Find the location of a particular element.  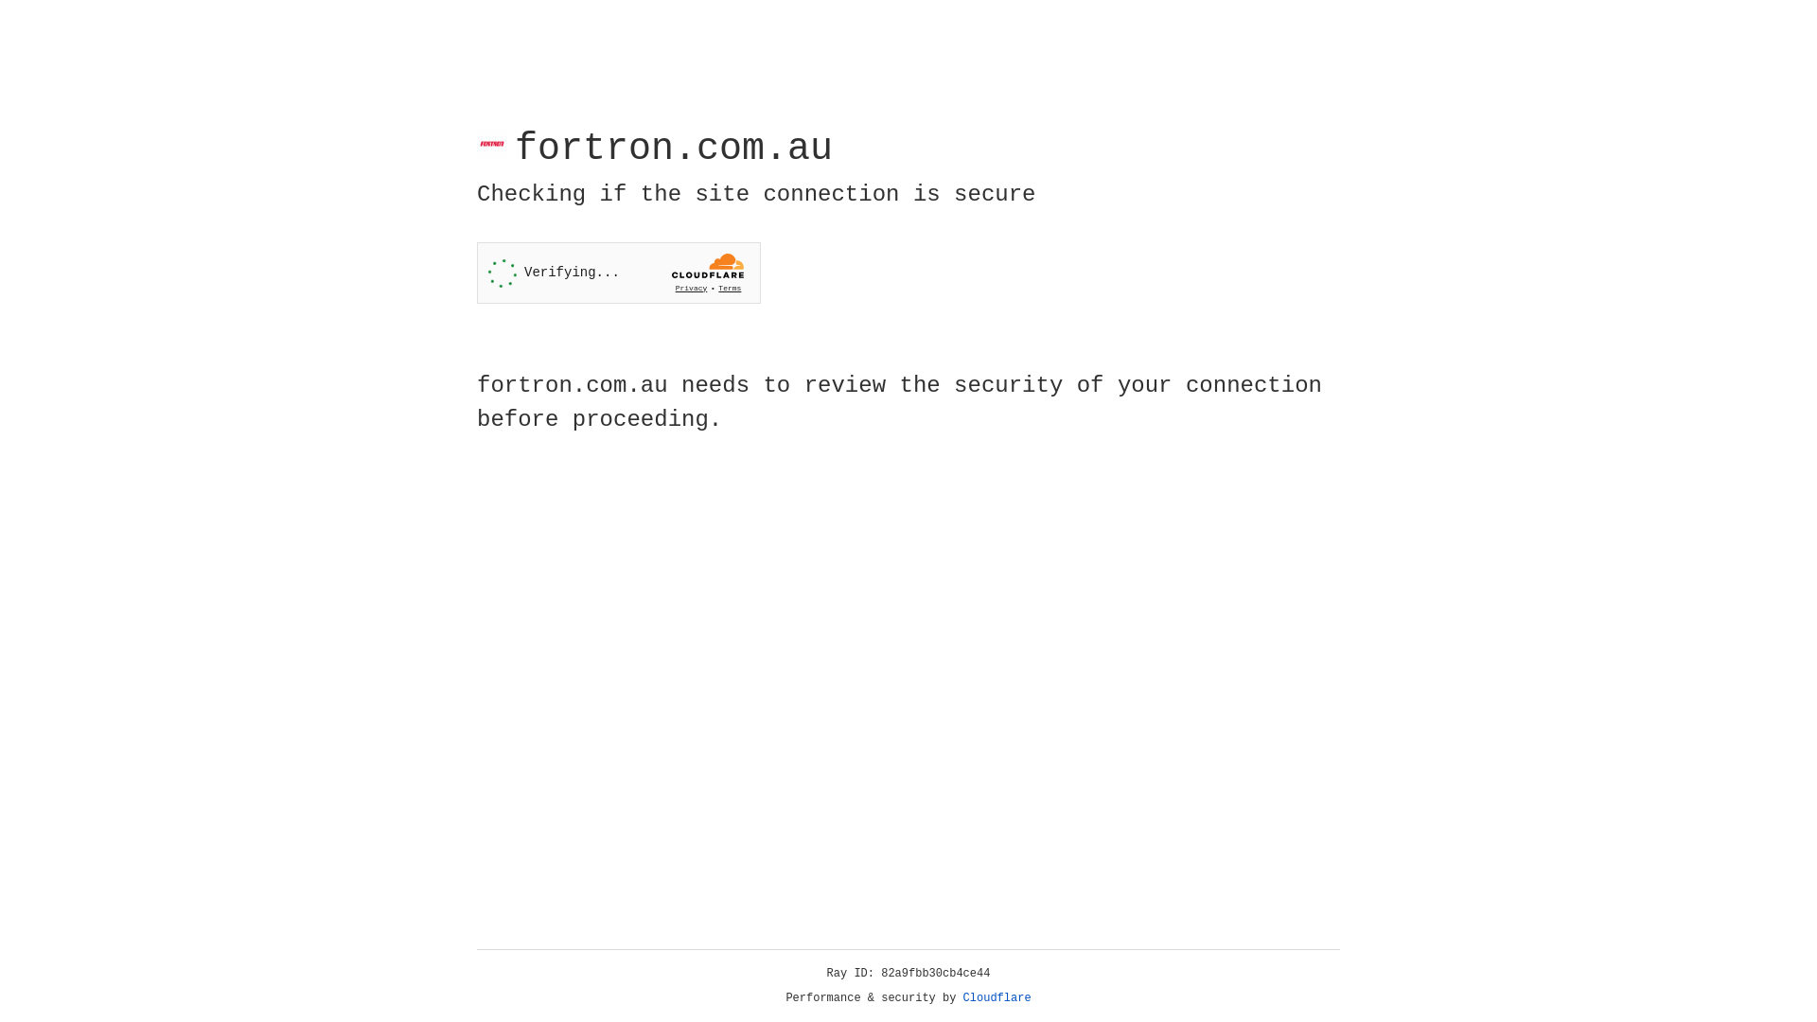

'Cloudflare' is located at coordinates (997, 997).